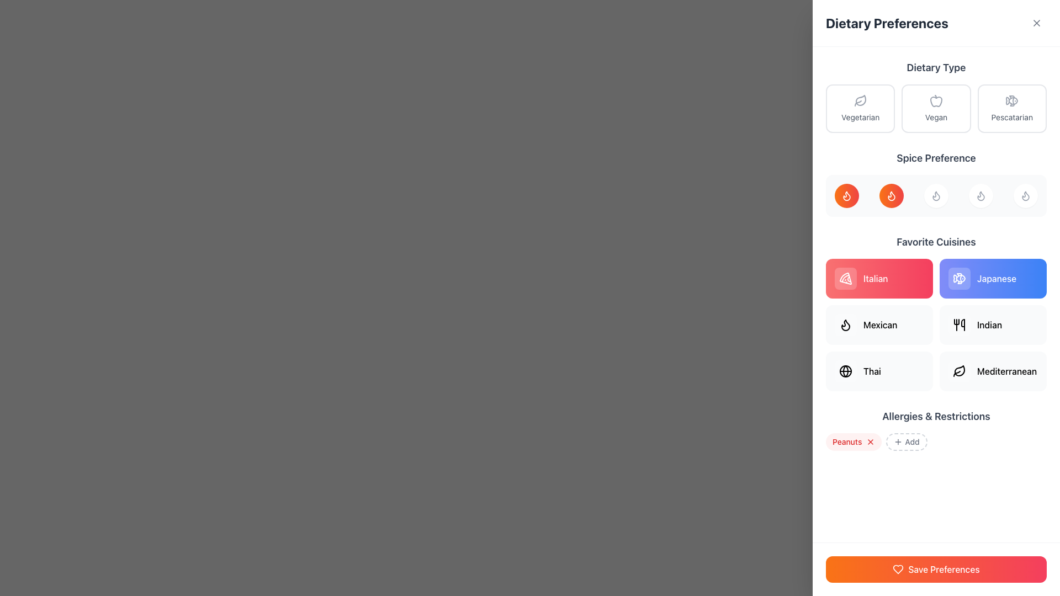 The height and width of the screenshot is (596, 1060). I want to click on the spice preference icon located in the 'Dietary Preferences' dialog, so click(891, 195).